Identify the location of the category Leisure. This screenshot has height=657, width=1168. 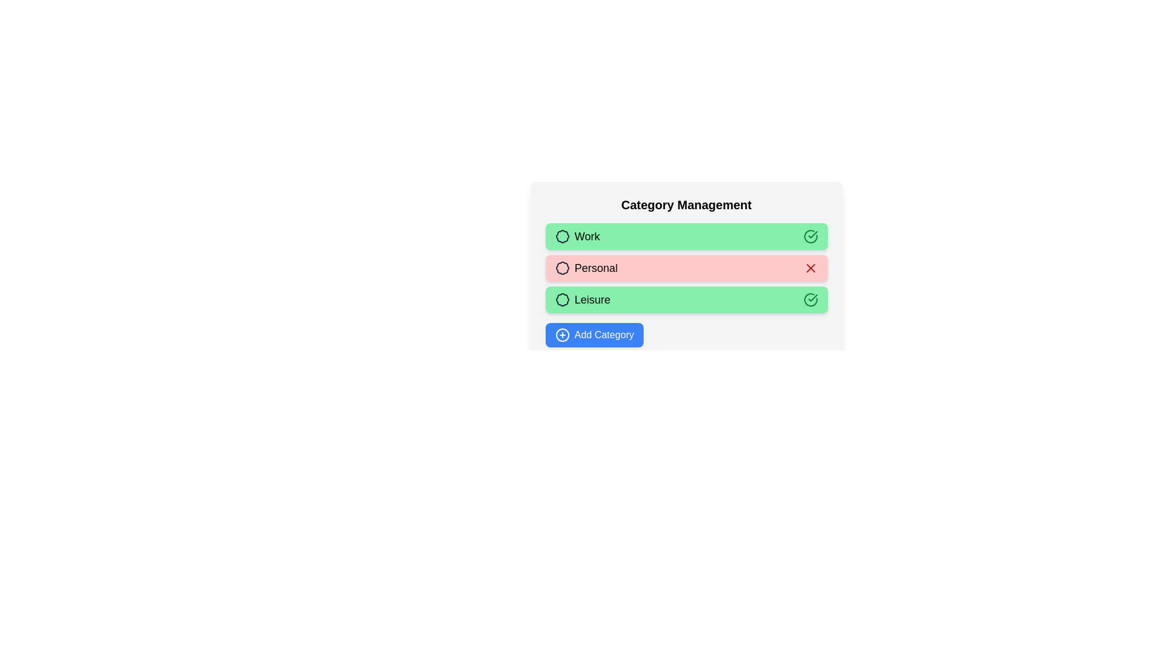
(686, 300).